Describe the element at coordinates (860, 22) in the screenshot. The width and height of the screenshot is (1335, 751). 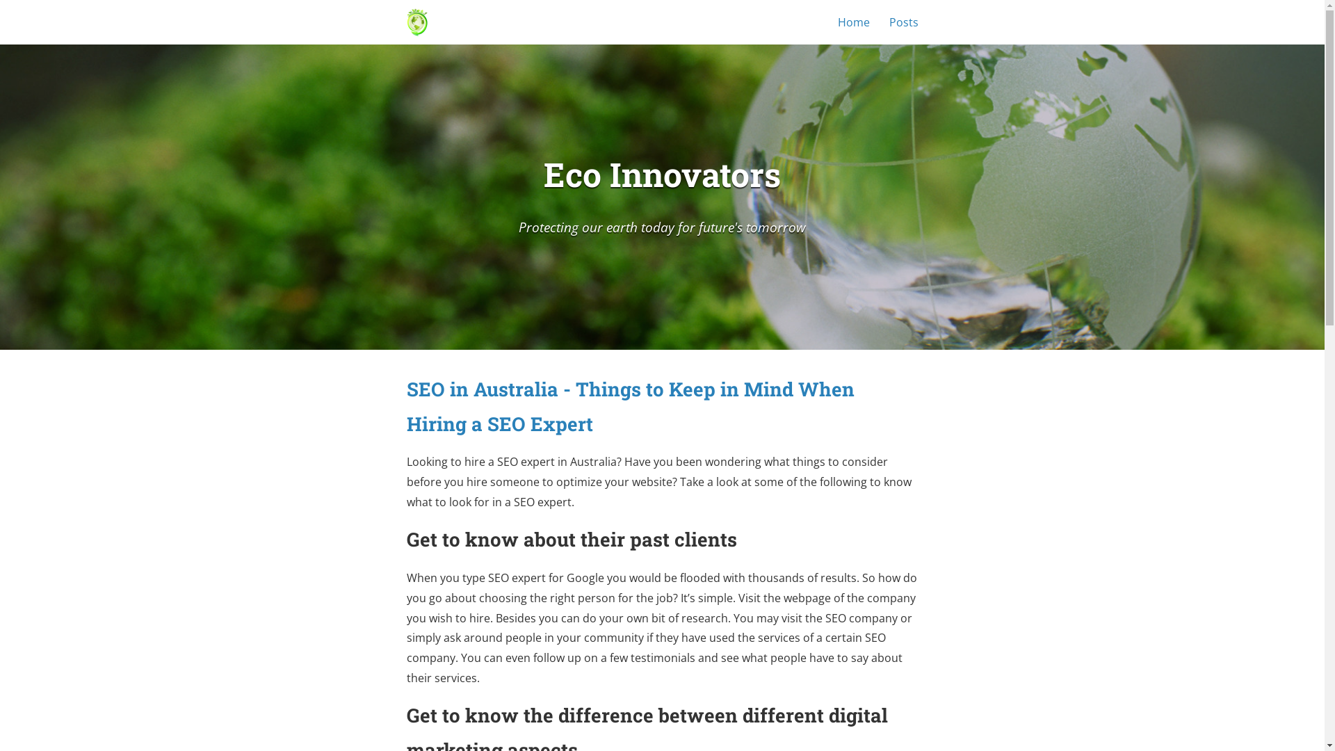
I see `'Home'` at that location.